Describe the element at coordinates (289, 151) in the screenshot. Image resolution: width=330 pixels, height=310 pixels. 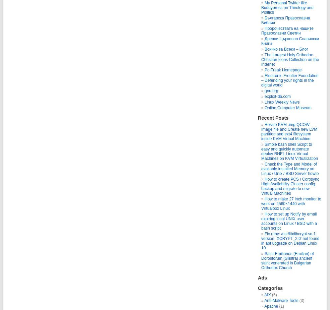
I see `'Simple bash shell Script to easy and quickly automate deploy RHEL Linux Virtual Machines on KVM Virtualization'` at that location.